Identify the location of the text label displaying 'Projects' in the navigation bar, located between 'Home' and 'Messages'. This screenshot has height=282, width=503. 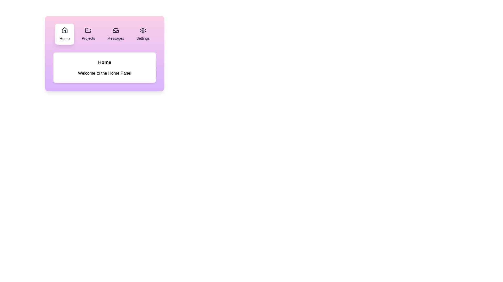
(88, 38).